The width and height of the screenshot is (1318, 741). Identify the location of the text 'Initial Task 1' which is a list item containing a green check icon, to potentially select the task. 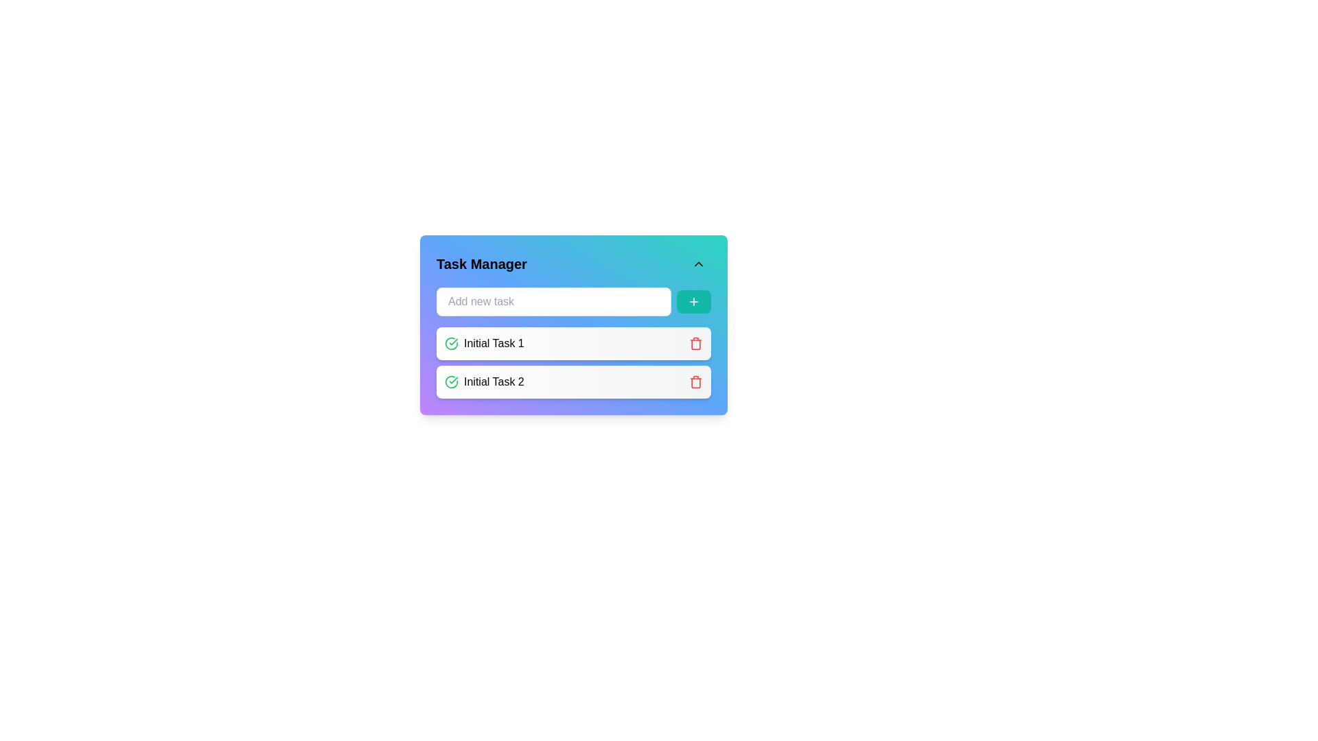
(484, 343).